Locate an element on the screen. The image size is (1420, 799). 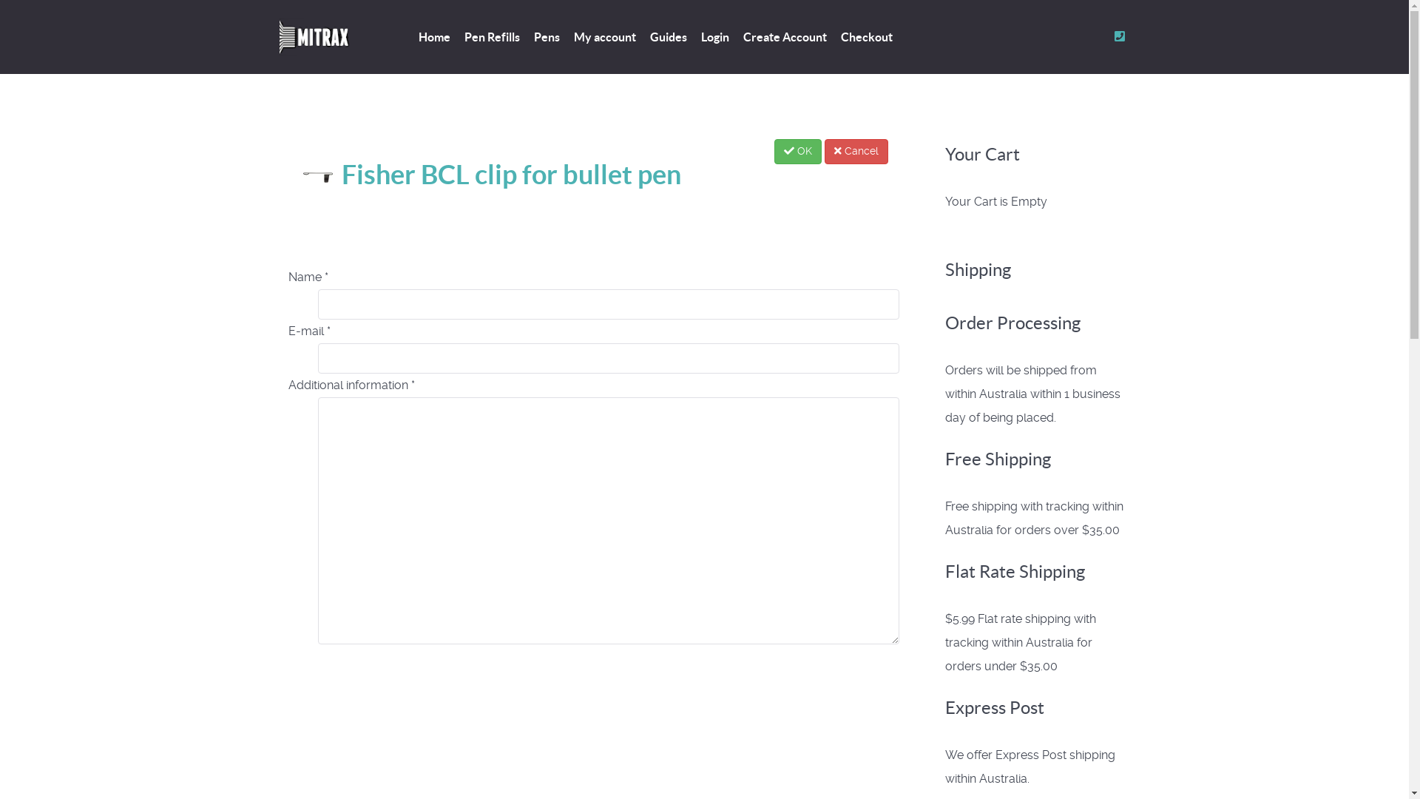
'Pen Refills' is located at coordinates (464, 37).